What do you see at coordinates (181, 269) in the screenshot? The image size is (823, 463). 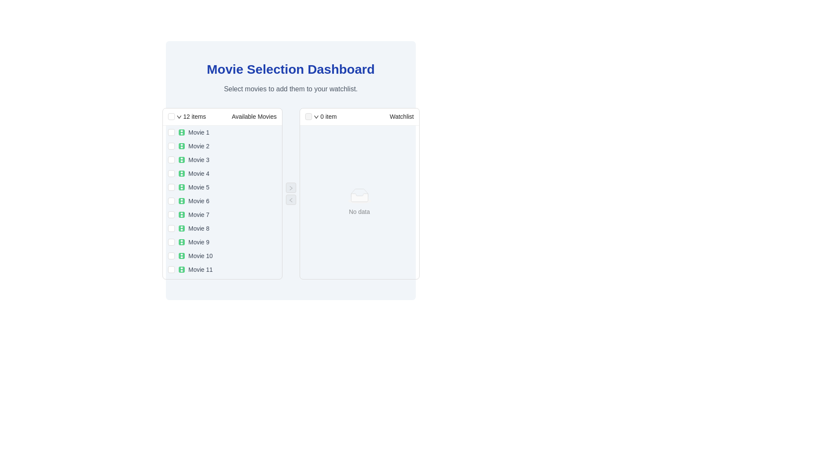 I see `the decorative graphic component that represents a film strip in the 'Movie 11' row of the Available Movies list` at bounding box center [181, 269].